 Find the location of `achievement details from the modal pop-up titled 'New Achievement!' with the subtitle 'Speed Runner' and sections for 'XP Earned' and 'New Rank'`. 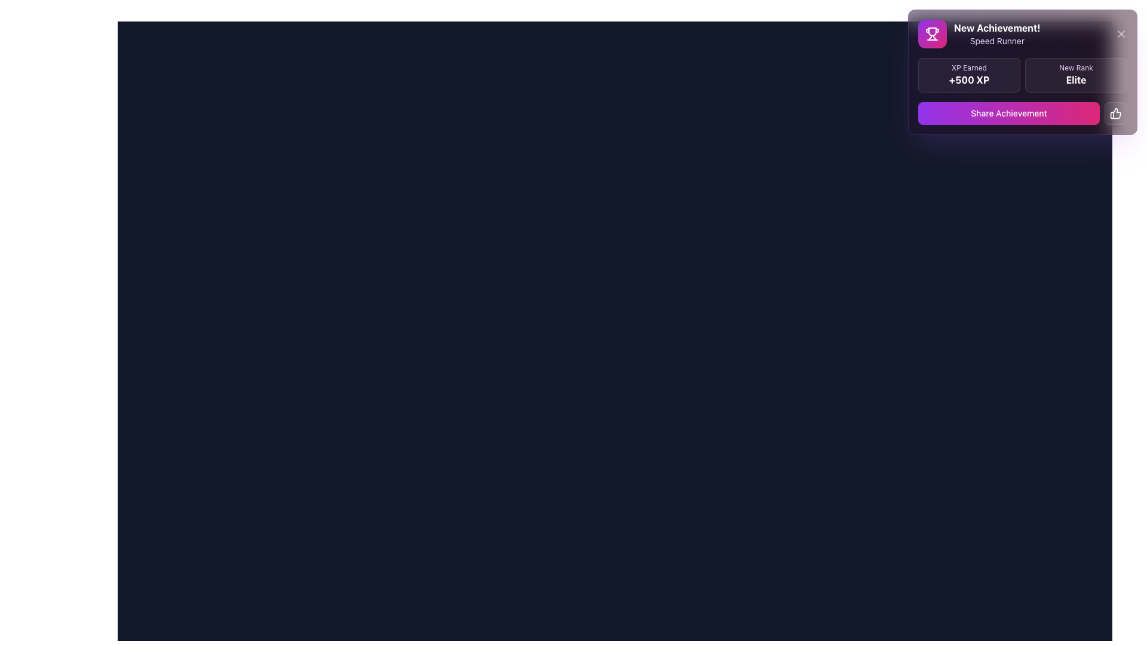

achievement details from the modal pop-up titled 'New Achievement!' with the subtitle 'Speed Runner' and sections for 'XP Earned' and 'New Rank' is located at coordinates (1022, 72).